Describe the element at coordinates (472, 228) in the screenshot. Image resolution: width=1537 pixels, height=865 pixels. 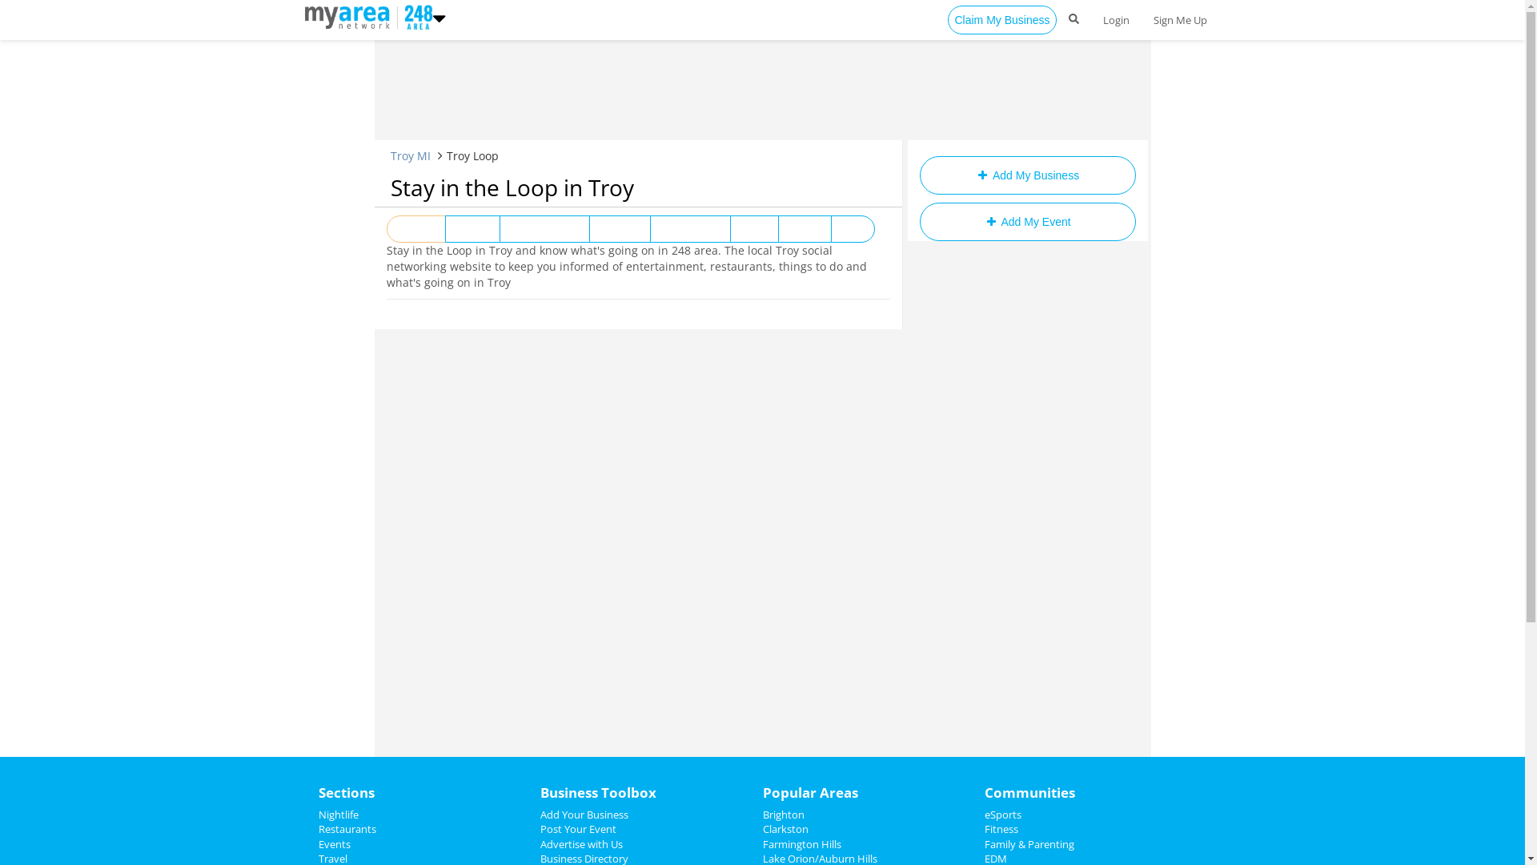
I see `'Events'` at that location.